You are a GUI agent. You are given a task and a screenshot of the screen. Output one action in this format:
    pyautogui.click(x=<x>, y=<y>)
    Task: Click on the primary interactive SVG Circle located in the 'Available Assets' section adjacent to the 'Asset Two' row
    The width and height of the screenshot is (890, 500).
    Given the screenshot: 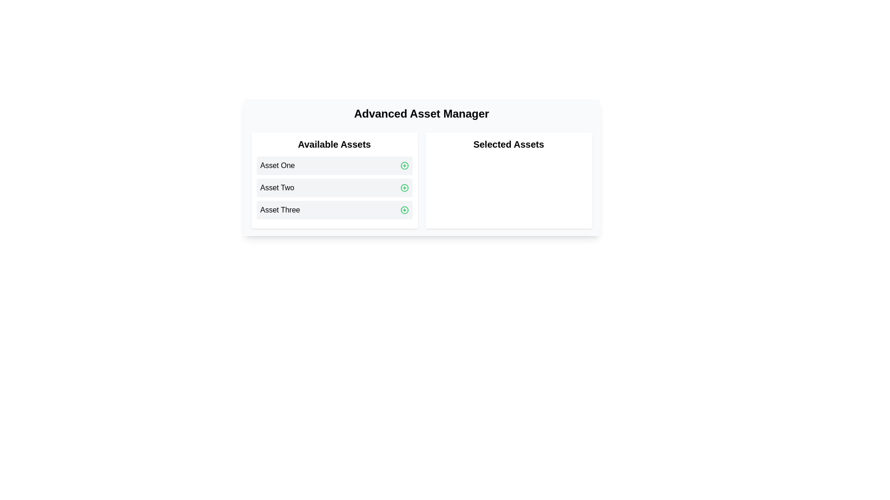 What is the action you would take?
    pyautogui.click(x=404, y=187)
    